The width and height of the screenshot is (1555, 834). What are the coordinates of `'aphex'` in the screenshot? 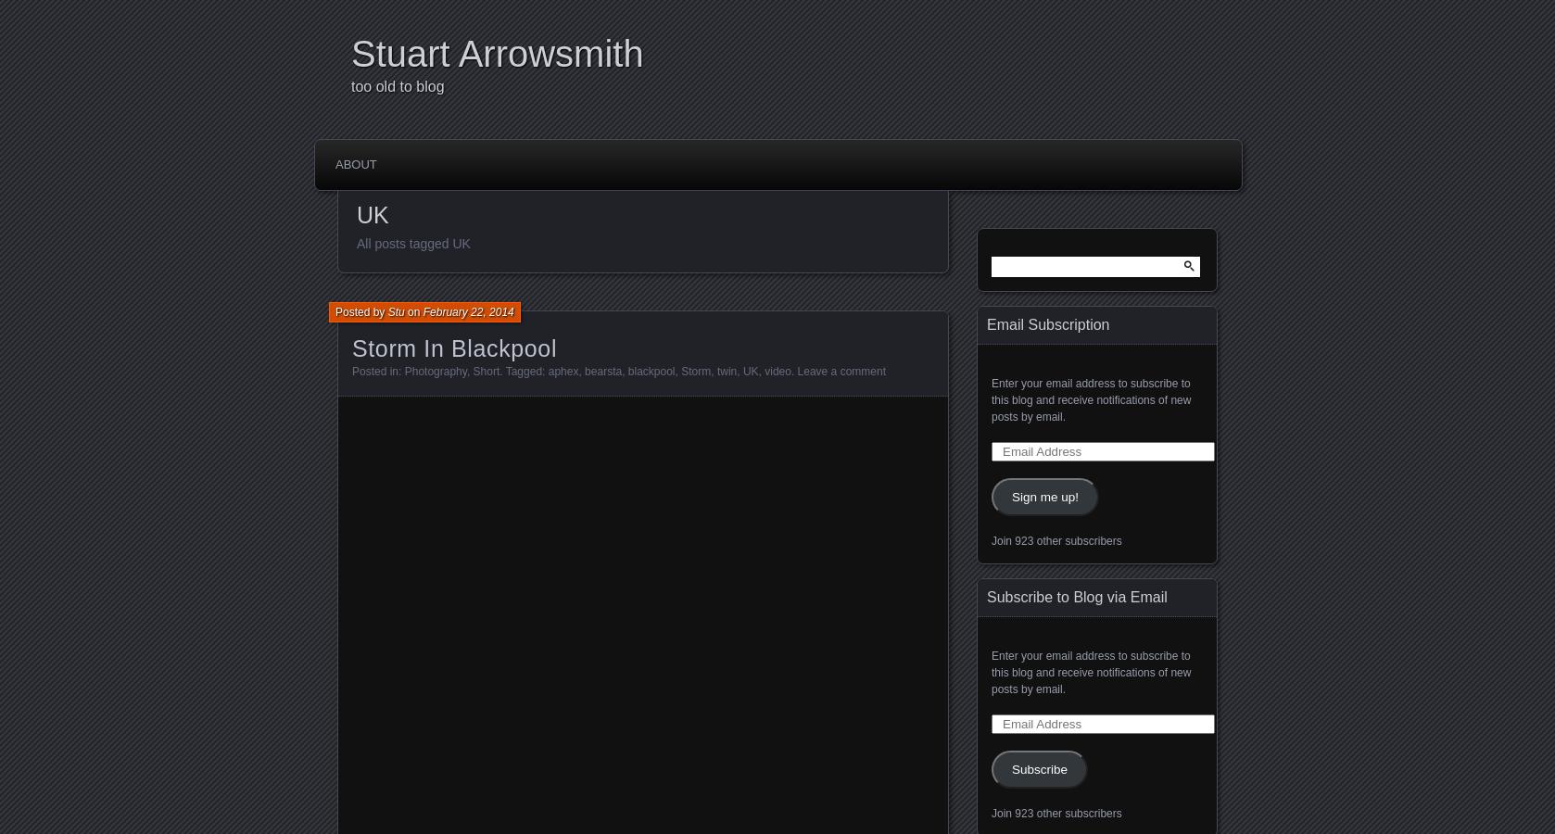 It's located at (562, 372).